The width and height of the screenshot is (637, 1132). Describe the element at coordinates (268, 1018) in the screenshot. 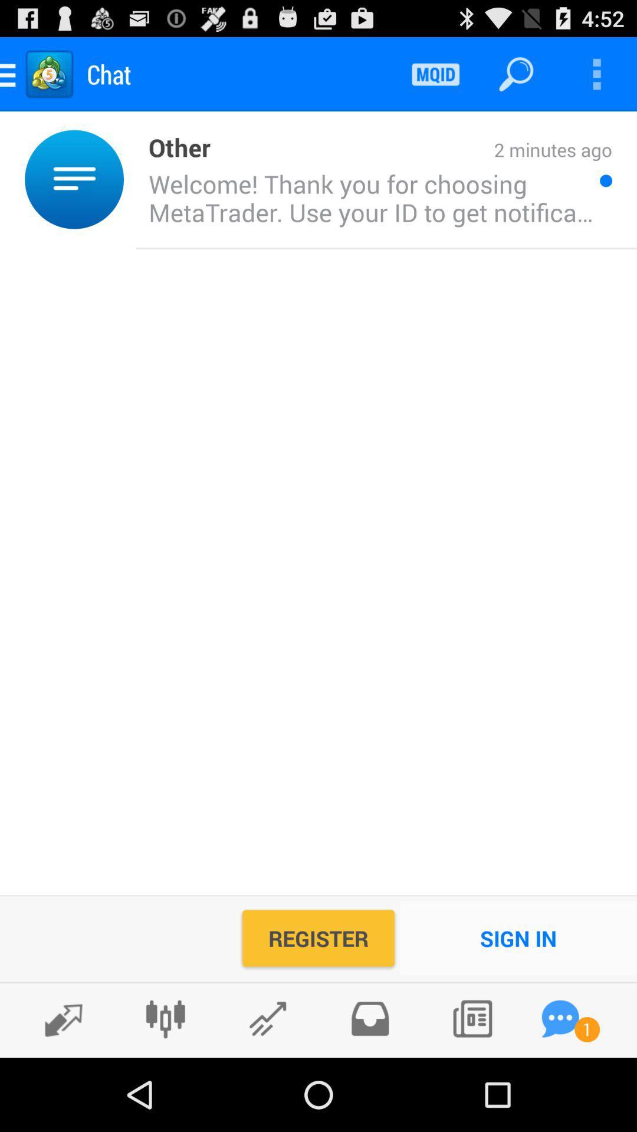

I see `for current technical indicator` at that location.